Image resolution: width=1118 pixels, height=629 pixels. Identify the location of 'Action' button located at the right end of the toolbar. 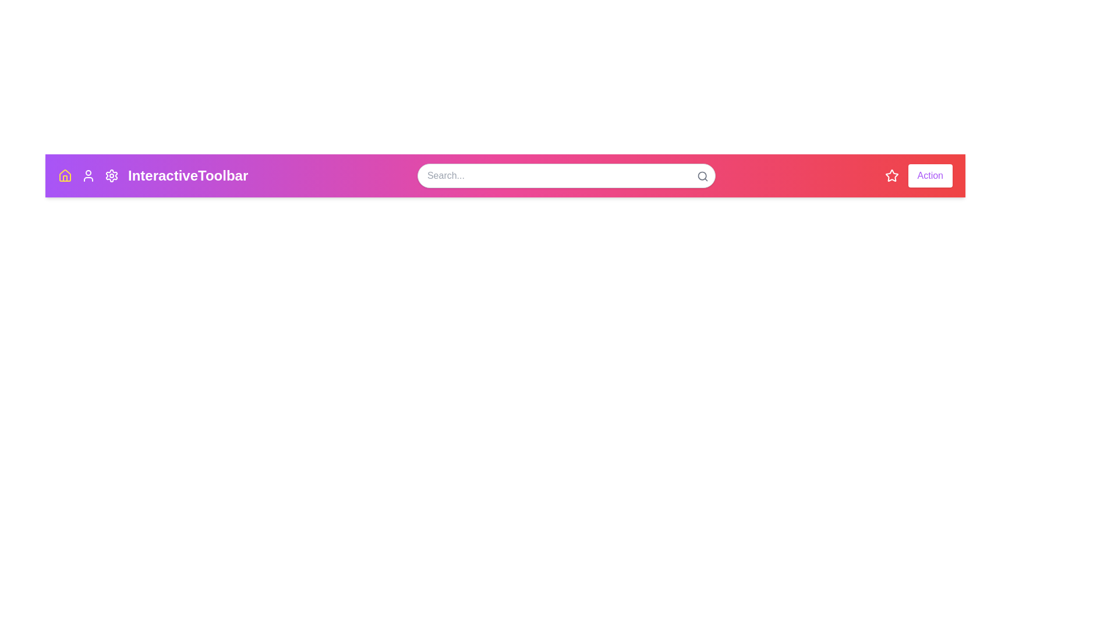
(929, 175).